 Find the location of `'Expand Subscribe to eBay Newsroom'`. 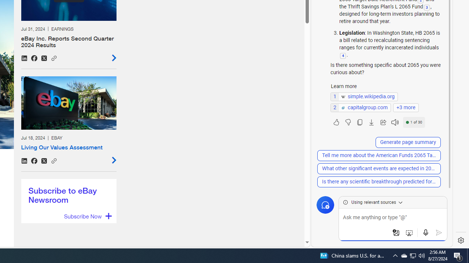

'Expand Subscribe to eBay Newsroom' is located at coordinates (87, 216).